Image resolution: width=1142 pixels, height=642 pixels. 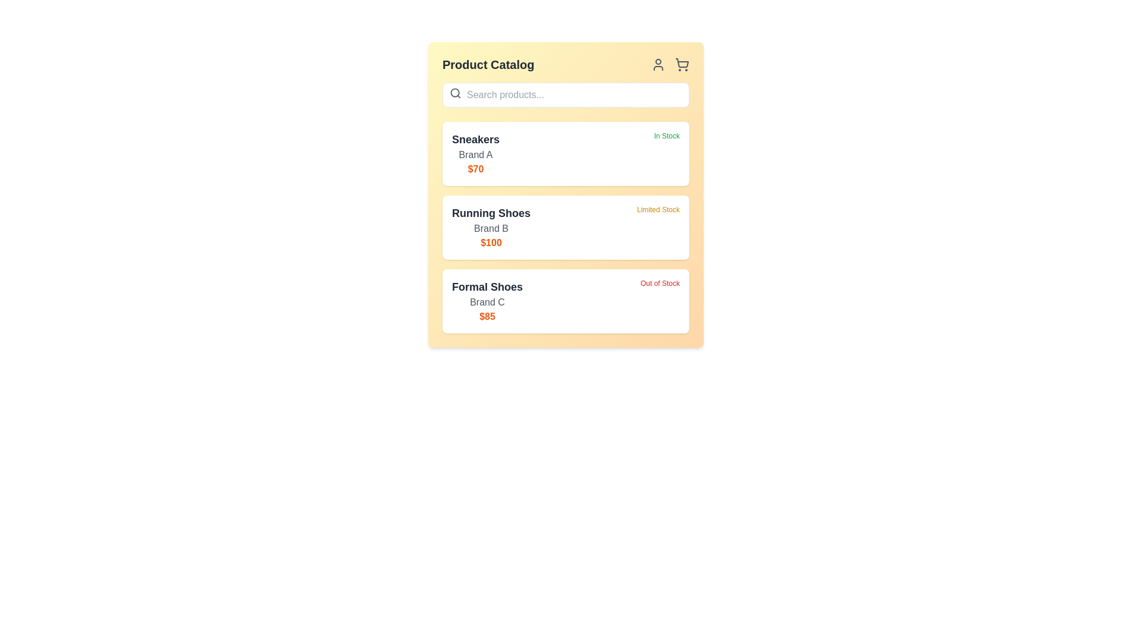 I want to click on the 'Out of Stock' text label, which is styled in red and located in the top-right corner of the 'Formal Shoes' product card, so click(x=659, y=300).